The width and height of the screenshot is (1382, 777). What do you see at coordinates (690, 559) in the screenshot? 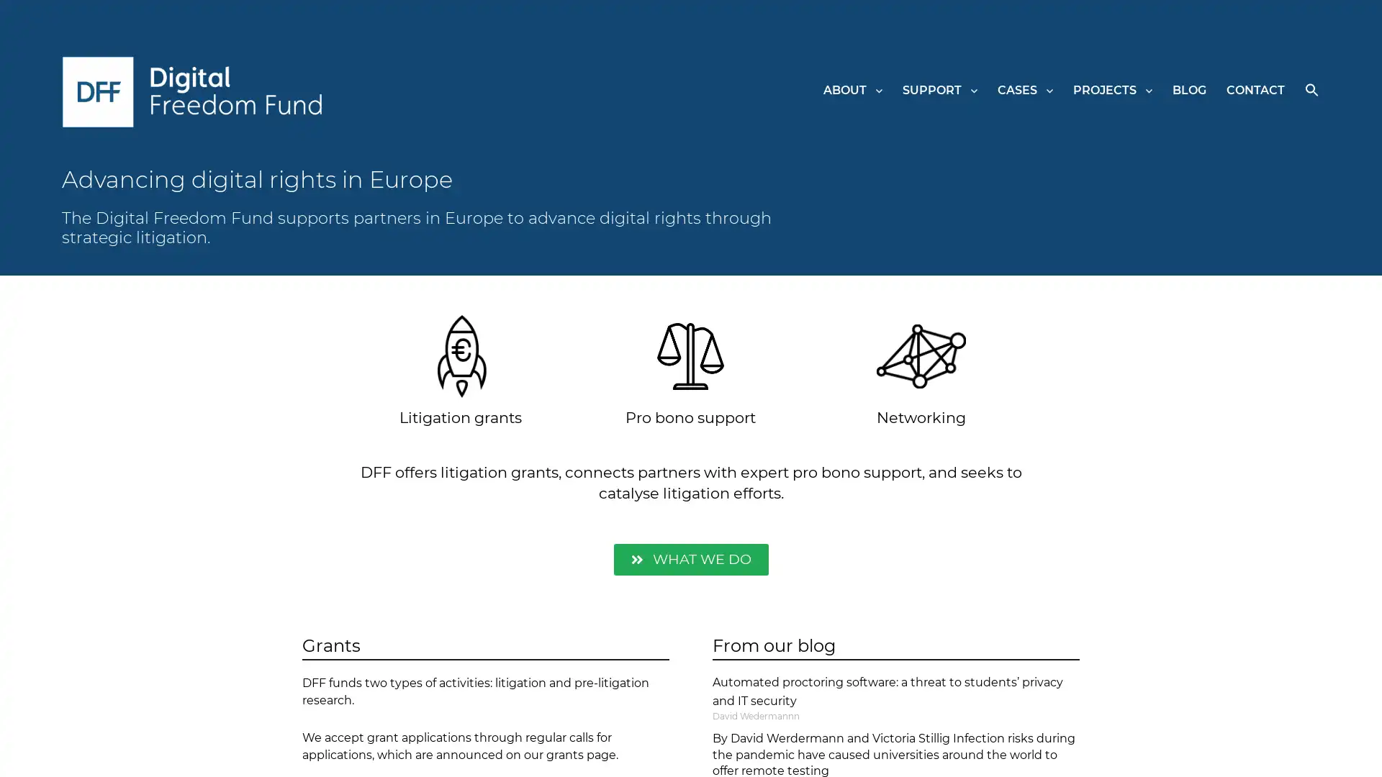
I see `WHAT WE DO` at bounding box center [690, 559].